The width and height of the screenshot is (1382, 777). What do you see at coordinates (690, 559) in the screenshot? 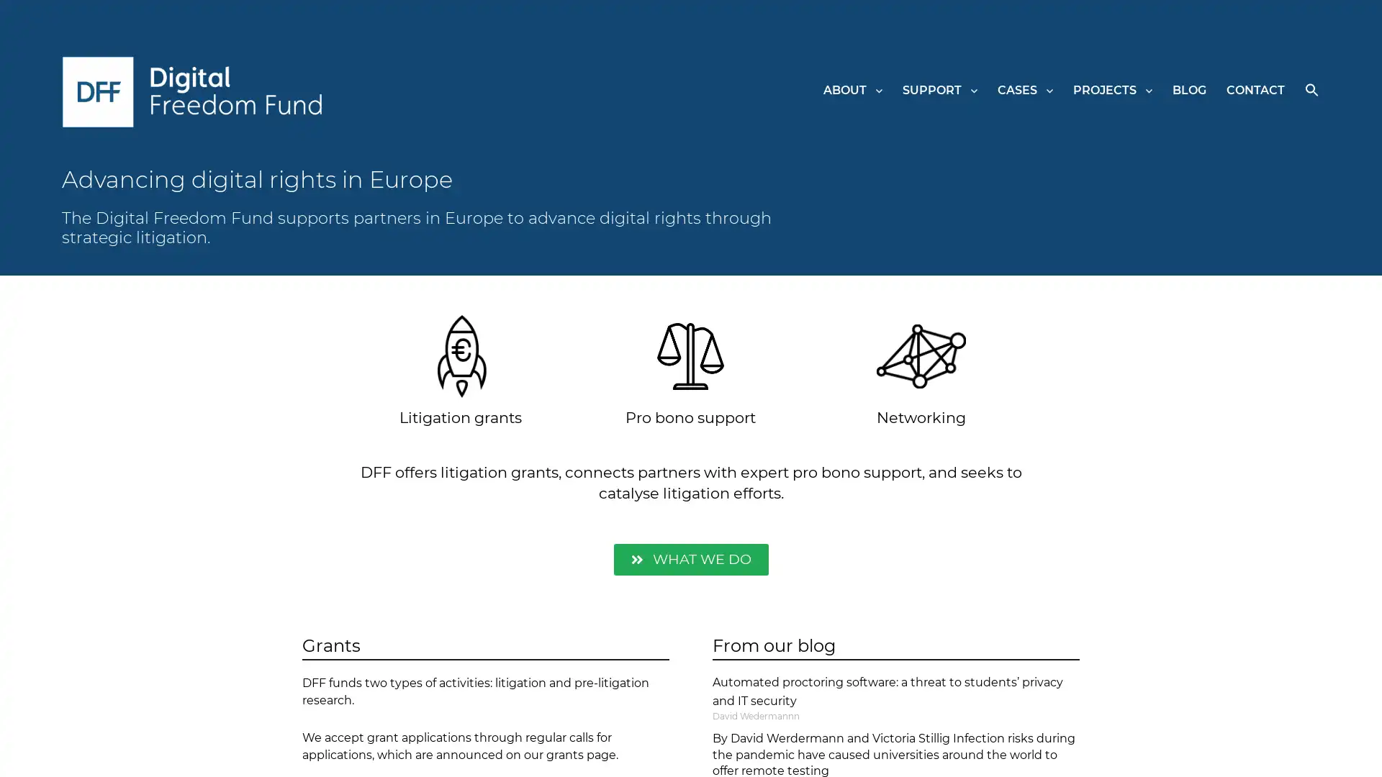
I see `WHAT WE DO` at bounding box center [690, 559].